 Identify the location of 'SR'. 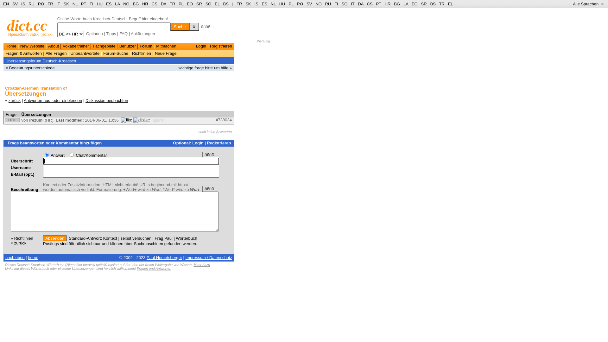
(199, 4).